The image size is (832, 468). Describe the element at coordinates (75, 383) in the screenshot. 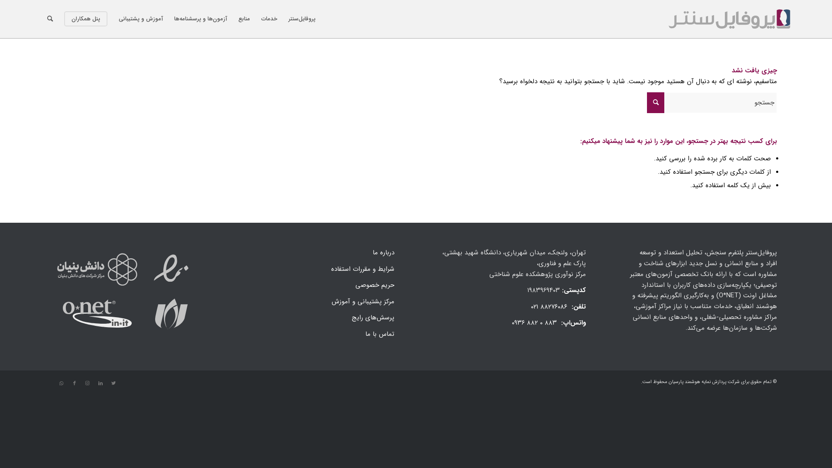

I see `'Facebook'` at that location.